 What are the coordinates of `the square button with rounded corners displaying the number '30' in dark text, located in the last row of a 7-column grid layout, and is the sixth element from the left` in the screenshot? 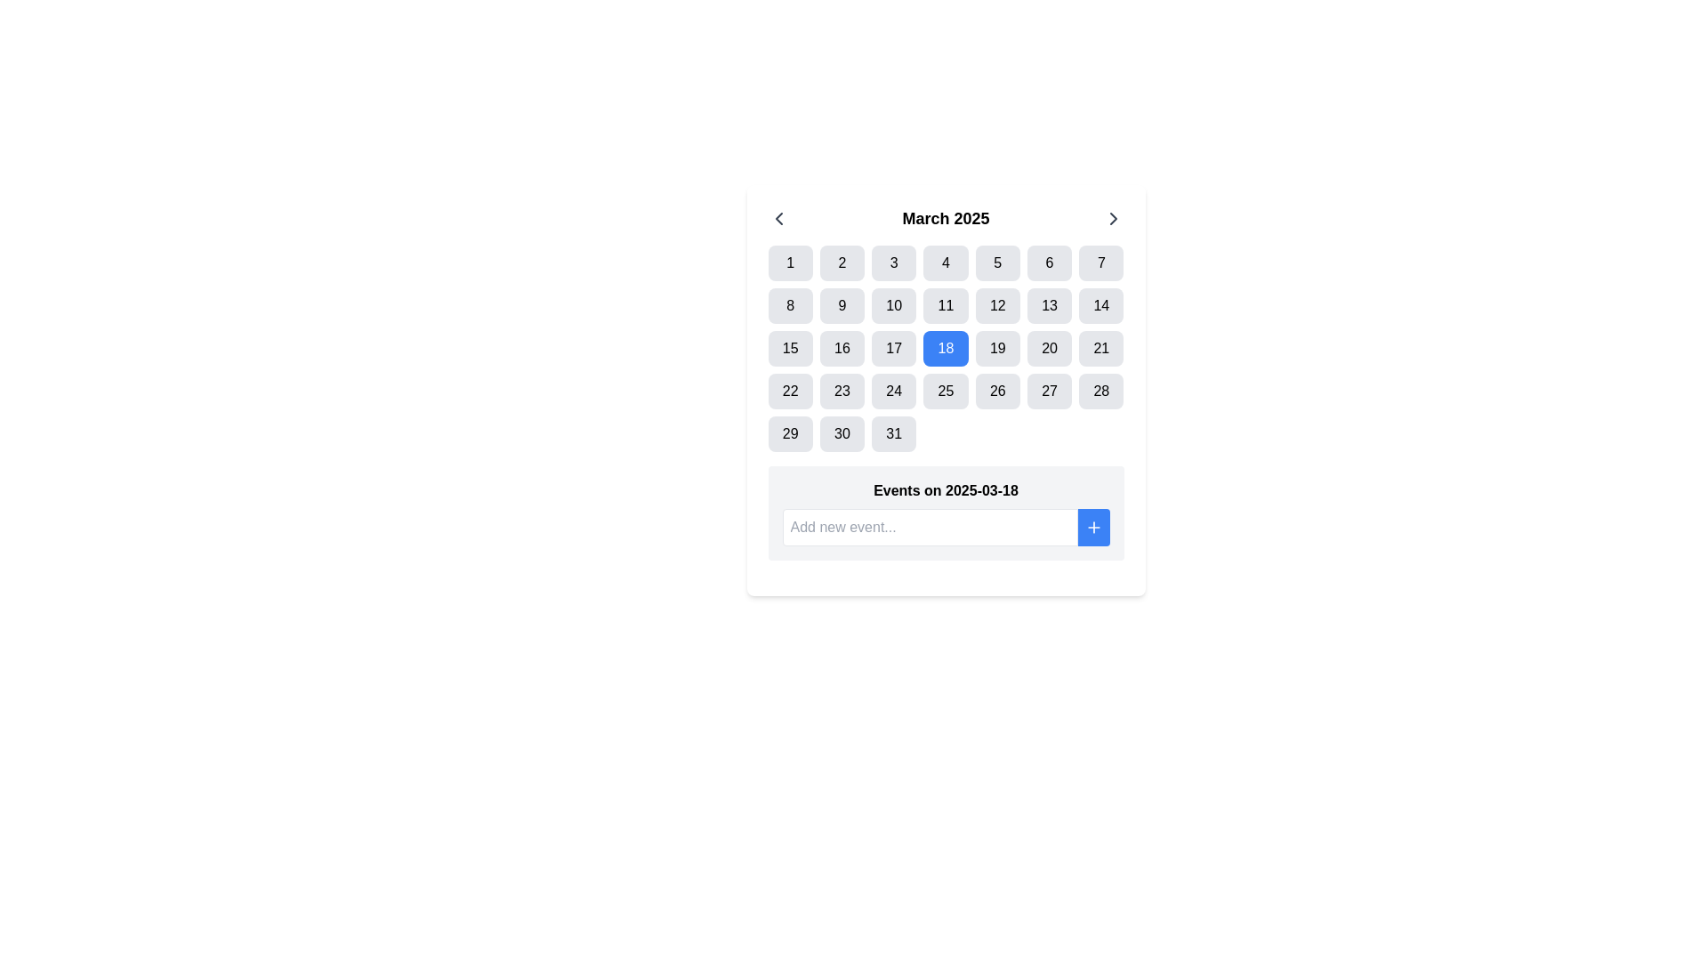 It's located at (841, 434).